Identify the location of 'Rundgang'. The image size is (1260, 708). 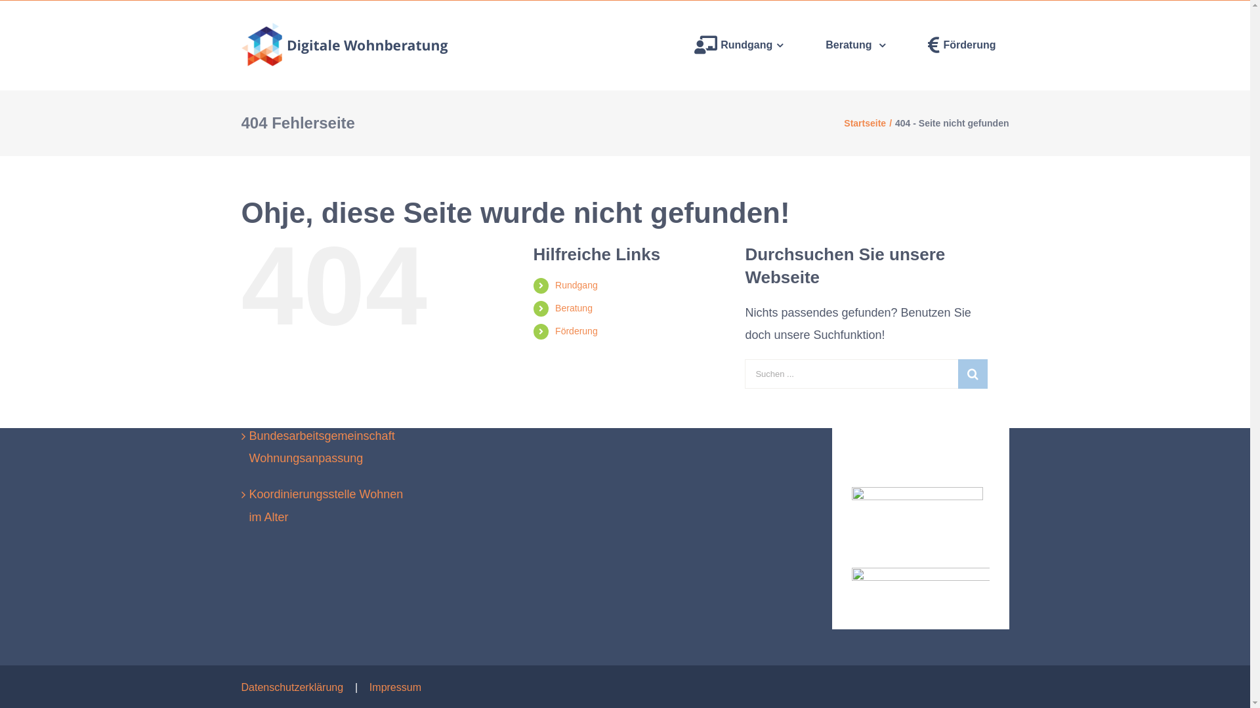
(576, 285).